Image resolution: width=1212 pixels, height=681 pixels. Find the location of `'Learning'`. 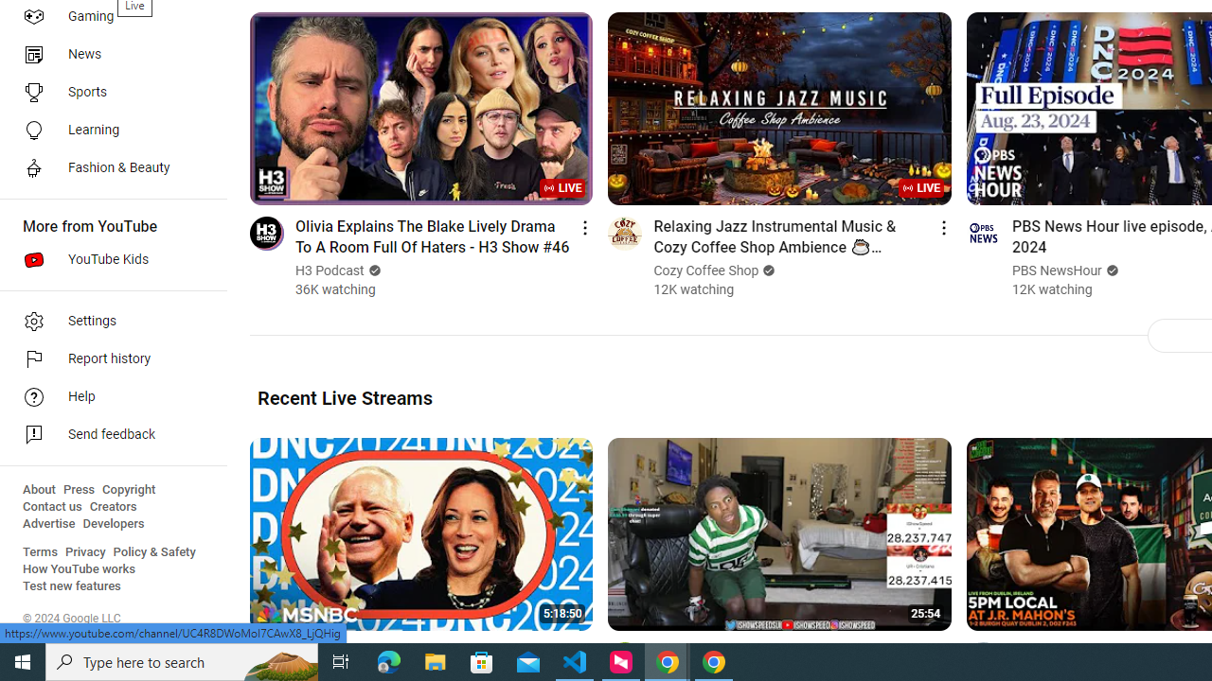

'Learning' is located at coordinates (106, 129).